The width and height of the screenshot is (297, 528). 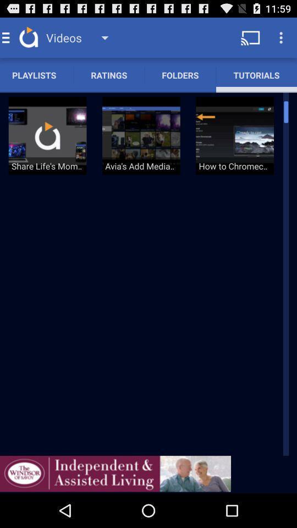 What do you see at coordinates (115, 473) in the screenshot?
I see `advertisement page` at bounding box center [115, 473].